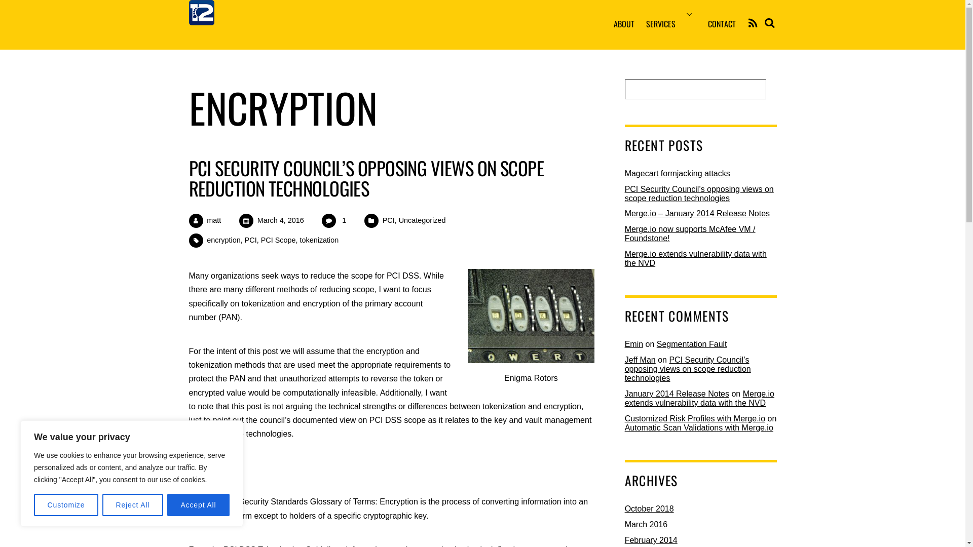  I want to click on 'Merge.io now supports McAfee VM / Foundstone!', so click(690, 233).